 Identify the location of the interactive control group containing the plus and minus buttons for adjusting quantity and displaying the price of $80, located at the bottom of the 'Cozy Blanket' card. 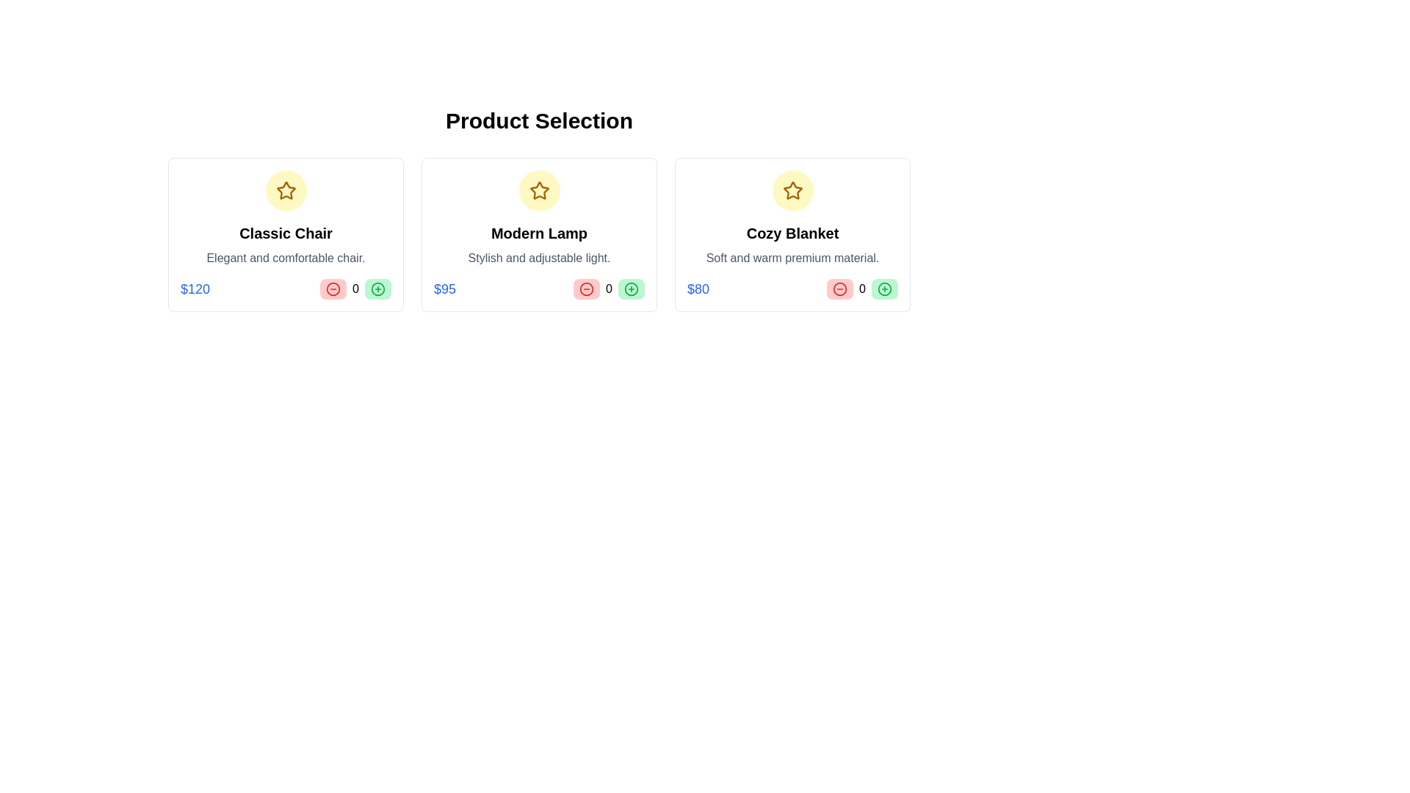
(792, 289).